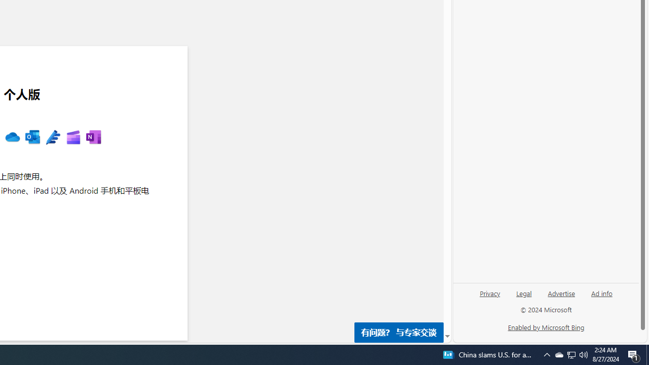  What do you see at coordinates (32, 137) in the screenshot?
I see `'MS Outlook '` at bounding box center [32, 137].